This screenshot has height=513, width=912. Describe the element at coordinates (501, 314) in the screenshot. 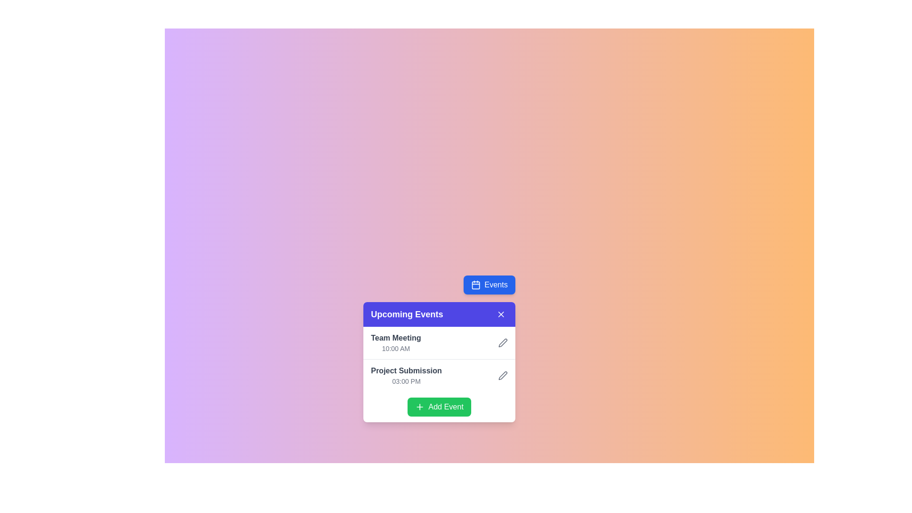

I see `the 'X' shaped close icon located at the top-right corner of the 'Upcoming Events' panel header` at that location.